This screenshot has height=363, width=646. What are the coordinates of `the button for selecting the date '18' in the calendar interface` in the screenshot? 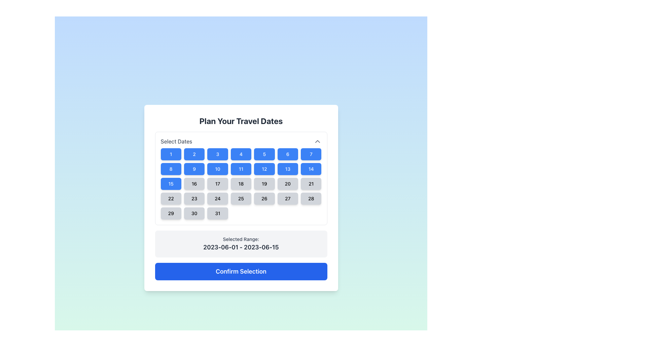 It's located at (241, 184).